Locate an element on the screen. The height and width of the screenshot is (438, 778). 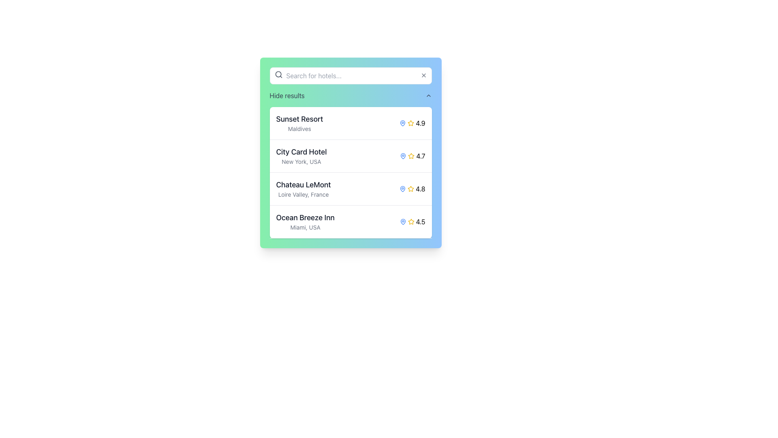
the text element displaying the rating '4.9' next to the star icon for 'Sunset Resort' to focus on it is located at coordinates (420, 123).